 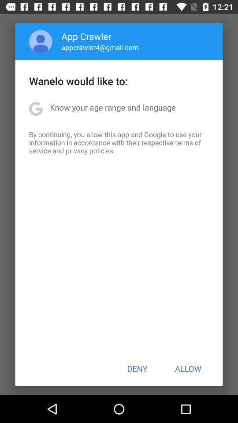 What do you see at coordinates (137, 368) in the screenshot?
I see `the deny item` at bounding box center [137, 368].